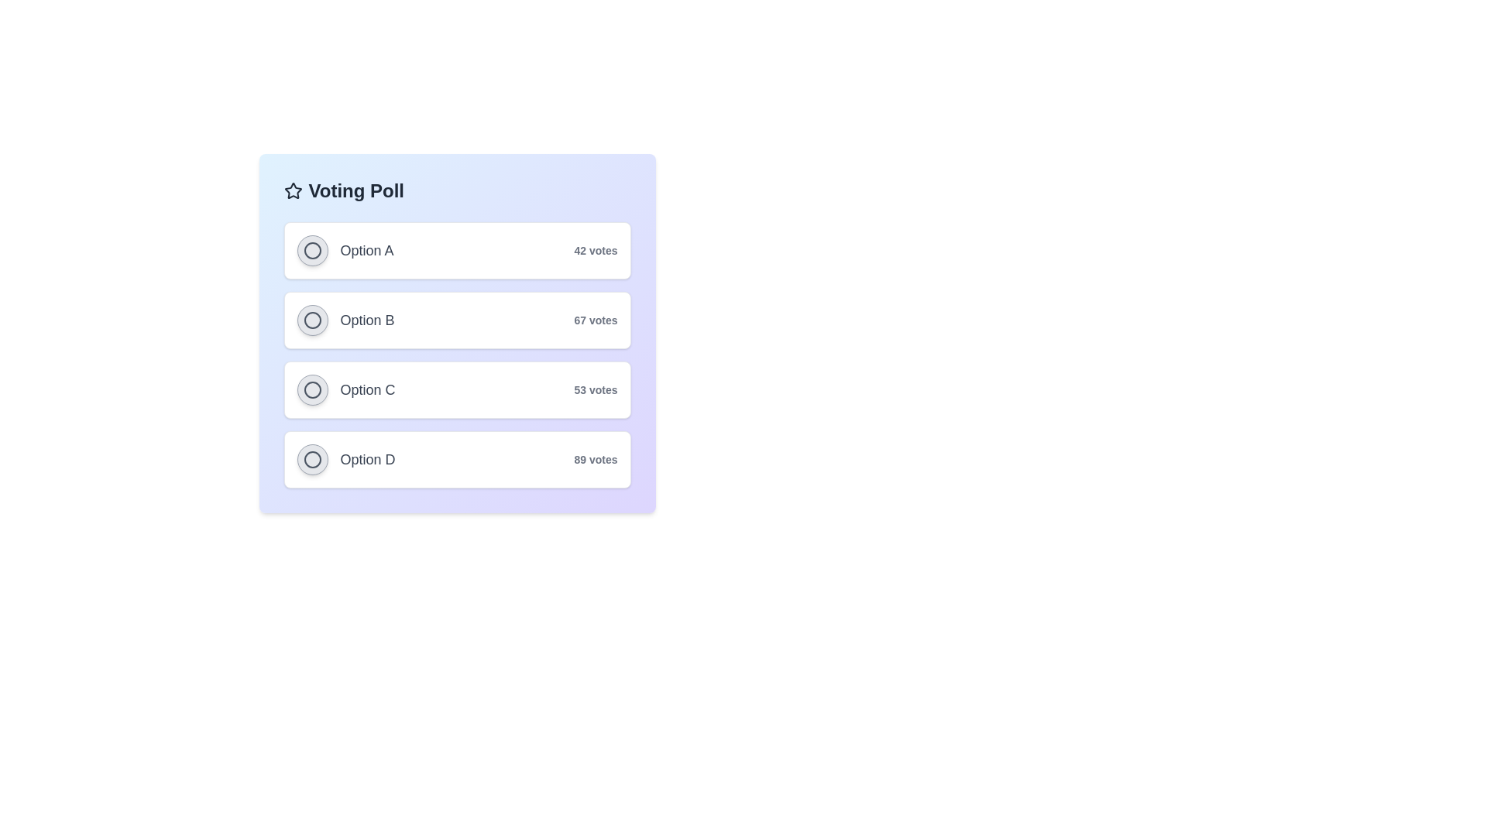 This screenshot has width=1487, height=836. Describe the element at coordinates (311, 459) in the screenshot. I see `the circular radio button with a gray outline located next to the text 'Option D' in the voting poll interface` at that location.